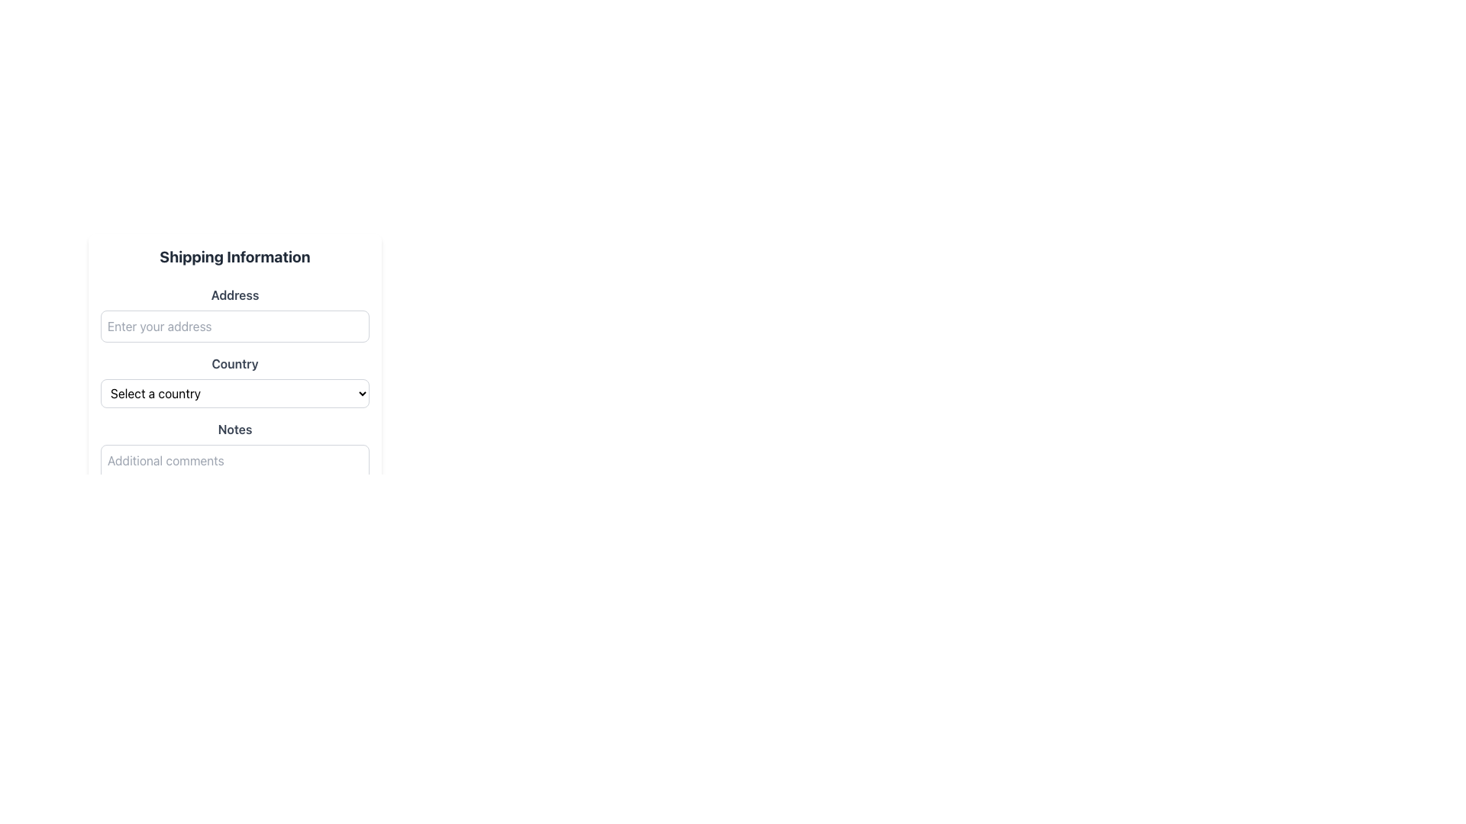  What do you see at coordinates (234, 381) in the screenshot?
I see `an option from the Dropdown menu for choosing the country, located in the Shipping Information section of the form, which is the second input field after the Address input` at bounding box center [234, 381].